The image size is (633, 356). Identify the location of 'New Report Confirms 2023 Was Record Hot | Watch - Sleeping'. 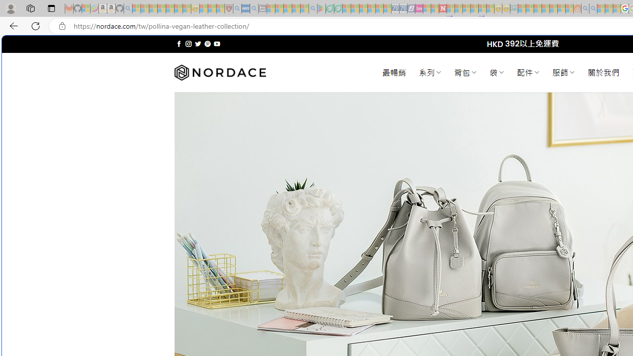
(170, 8).